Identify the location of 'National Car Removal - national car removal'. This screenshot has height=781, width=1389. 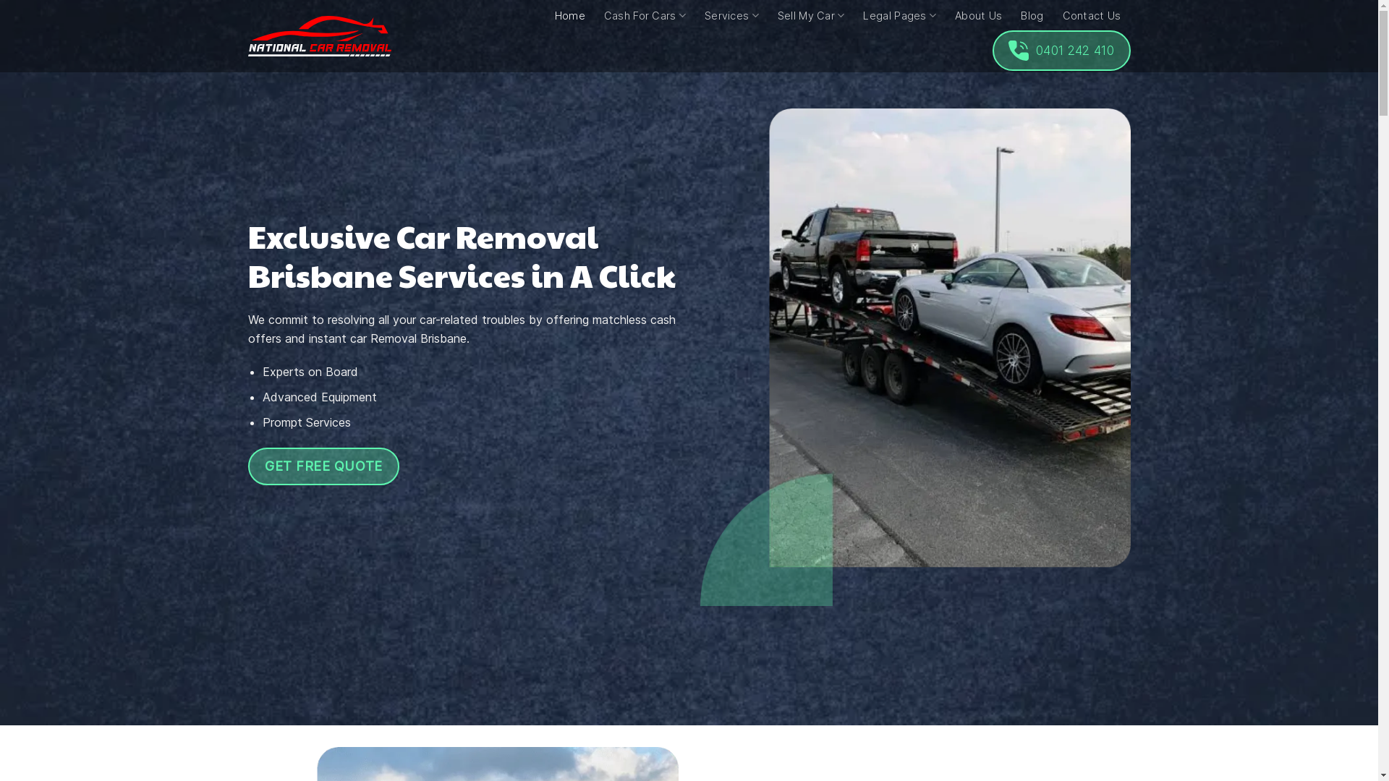
(318, 35).